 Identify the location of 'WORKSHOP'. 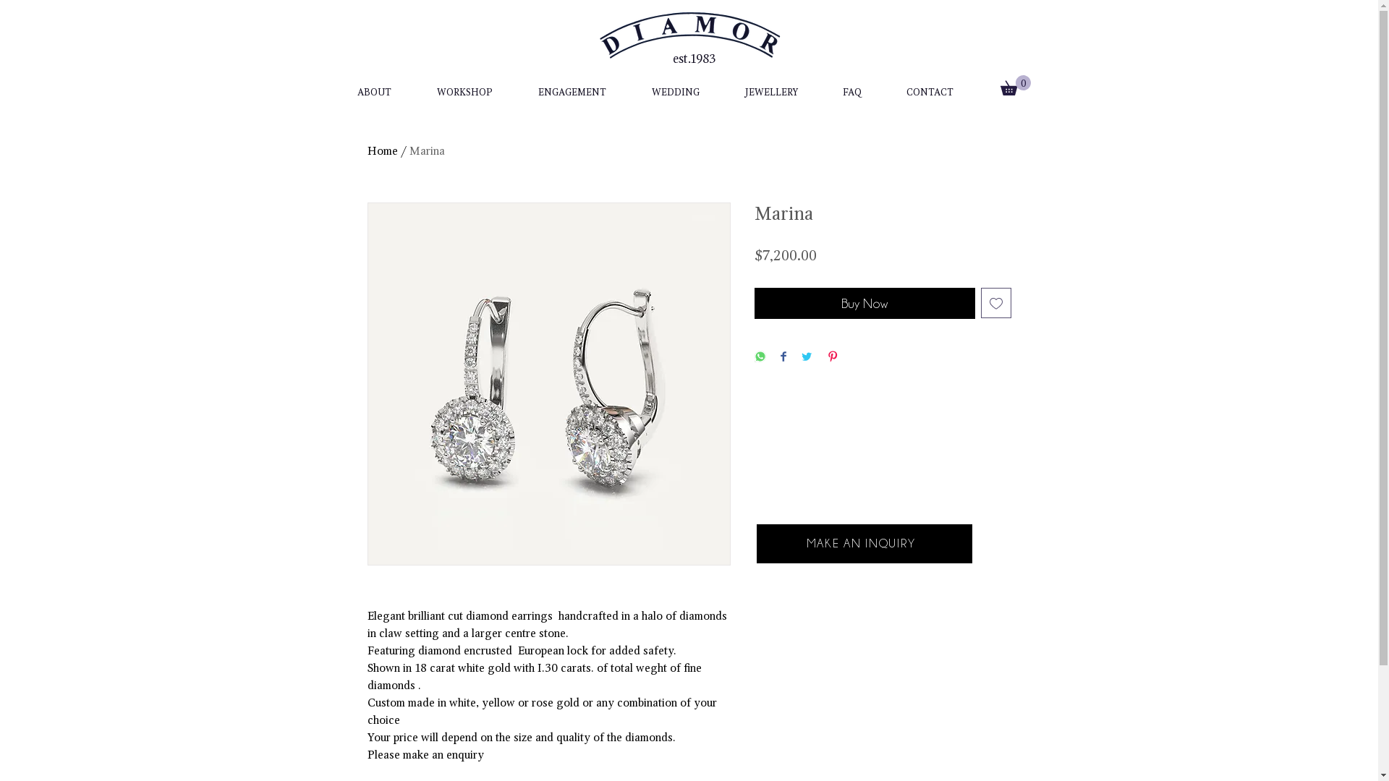
(464, 85).